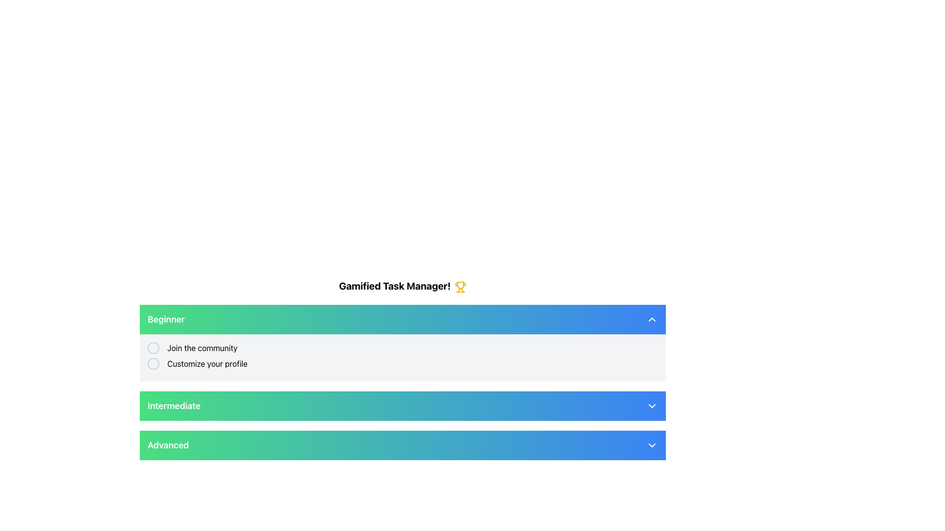 The height and width of the screenshot is (531, 945). I want to click on the toggle switch located to the left of the 'Customize your profile' text, so click(153, 364).